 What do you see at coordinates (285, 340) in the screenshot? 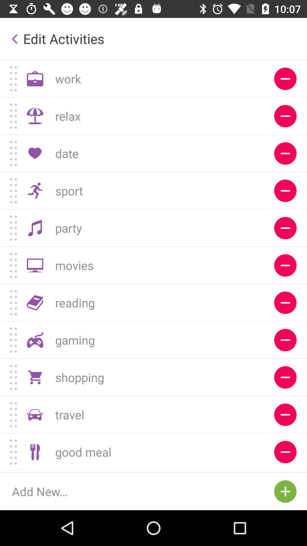
I see `delete gaming activity` at bounding box center [285, 340].